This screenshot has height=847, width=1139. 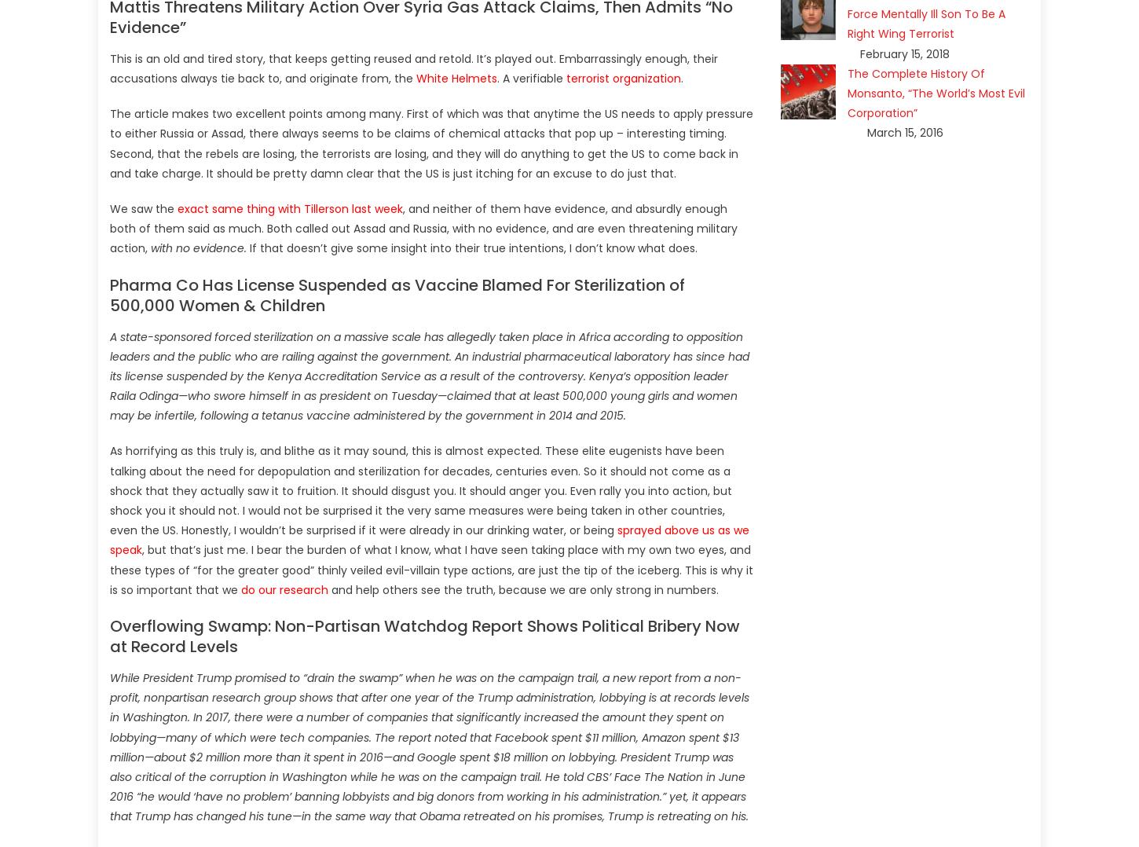 What do you see at coordinates (904, 53) in the screenshot?
I see `'February 15, 2018'` at bounding box center [904, 53].